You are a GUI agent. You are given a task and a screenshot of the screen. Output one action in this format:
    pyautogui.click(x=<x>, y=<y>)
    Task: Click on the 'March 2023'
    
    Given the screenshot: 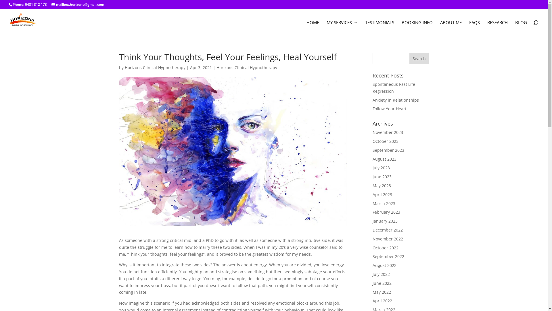 What is the action you would take?
    pyautogui.click(x=384, y=203)
    